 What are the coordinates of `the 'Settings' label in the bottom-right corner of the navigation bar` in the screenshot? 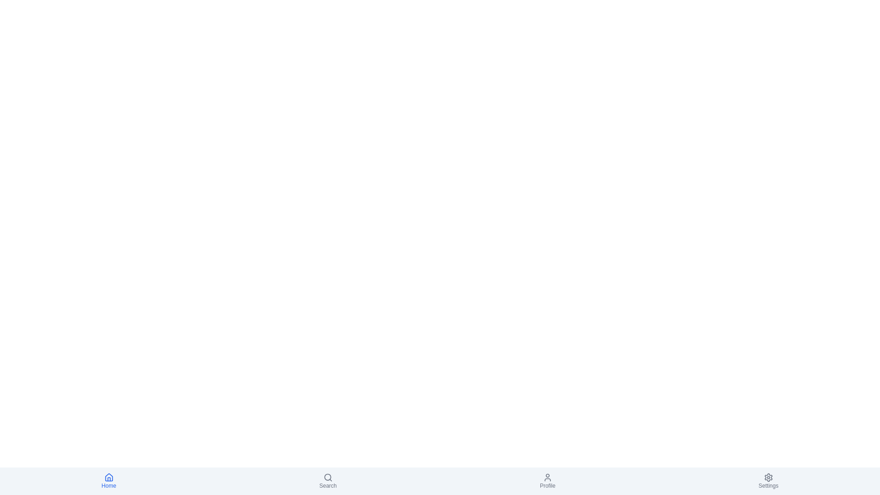 It's located at (768, 485).